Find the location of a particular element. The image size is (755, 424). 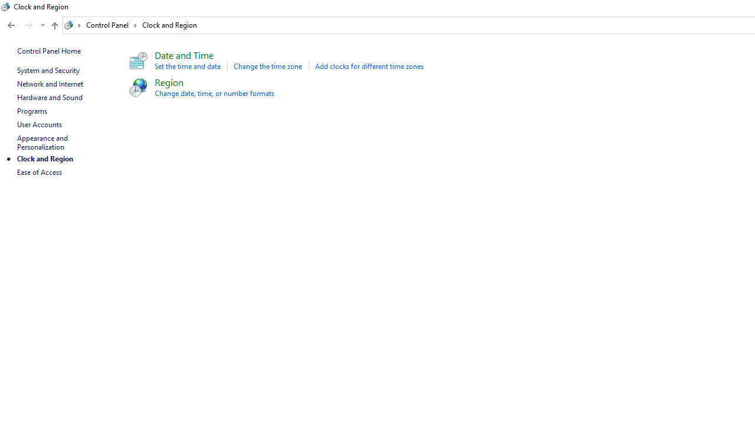

'Forward (Alt + Right Arrow)' is located at coordinates (29, 25).